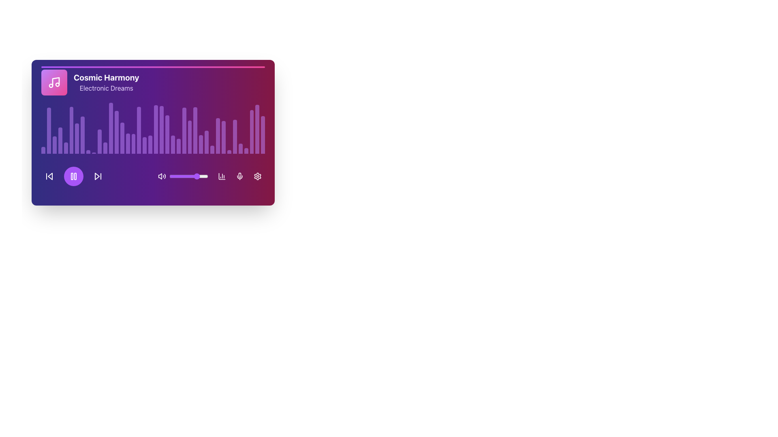 The width and height of the screenshot is (778, 437). Describe the element at coordinates (239, 176) in the screenshot. I see `the microphone icon, which is the middle icon in a set of three adjacent icons located in the bottom-right corner of the music player interface` at that location.